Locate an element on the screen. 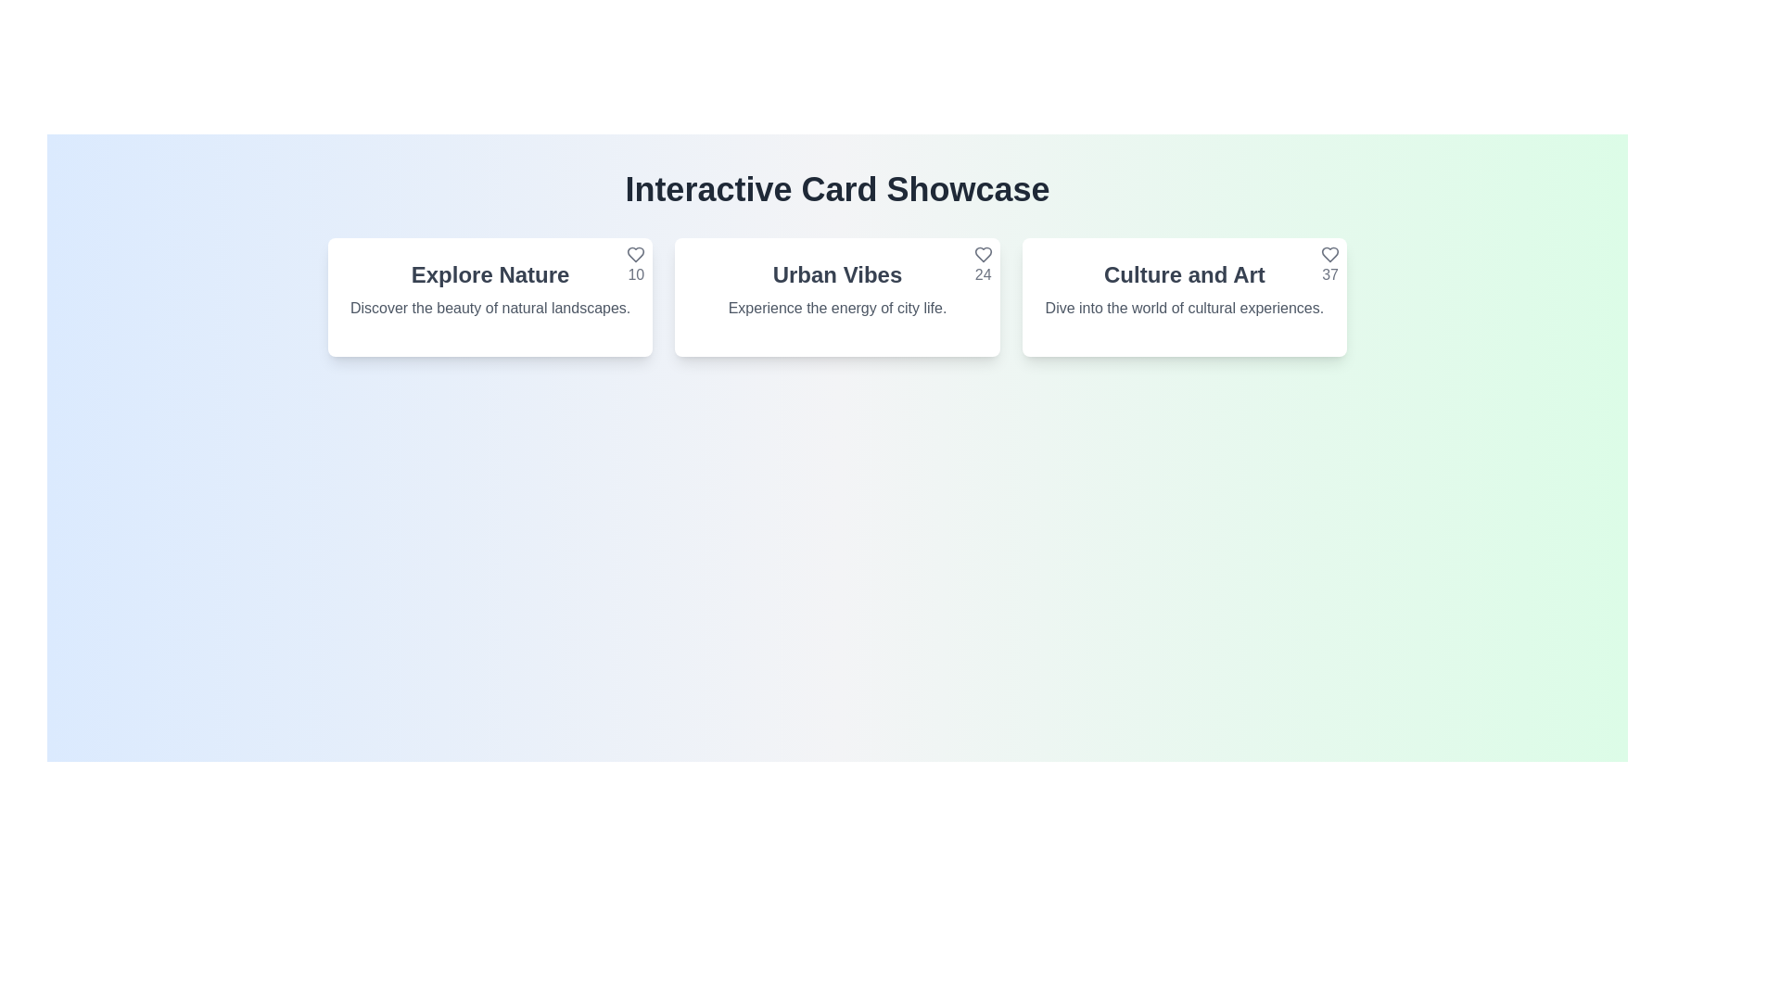 This screenshot has height=1001, width=1780. the title text component at the top of the card, which summarizes the card's content and draws user attention is located at coordinates (490, 275).